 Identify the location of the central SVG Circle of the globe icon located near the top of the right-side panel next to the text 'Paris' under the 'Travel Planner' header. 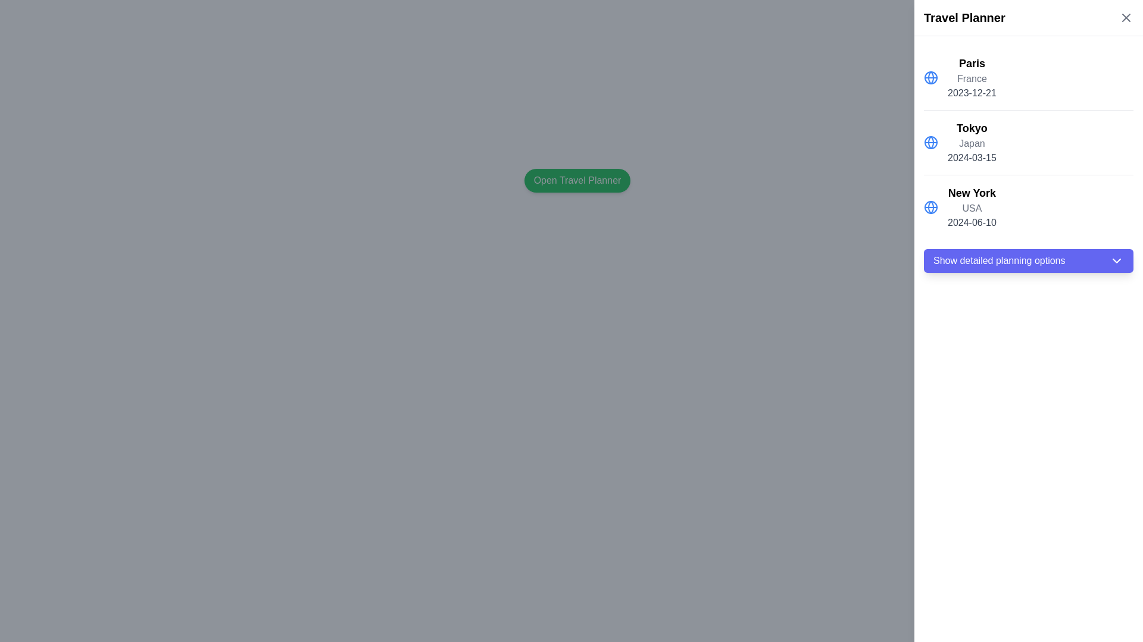
(930, 206).